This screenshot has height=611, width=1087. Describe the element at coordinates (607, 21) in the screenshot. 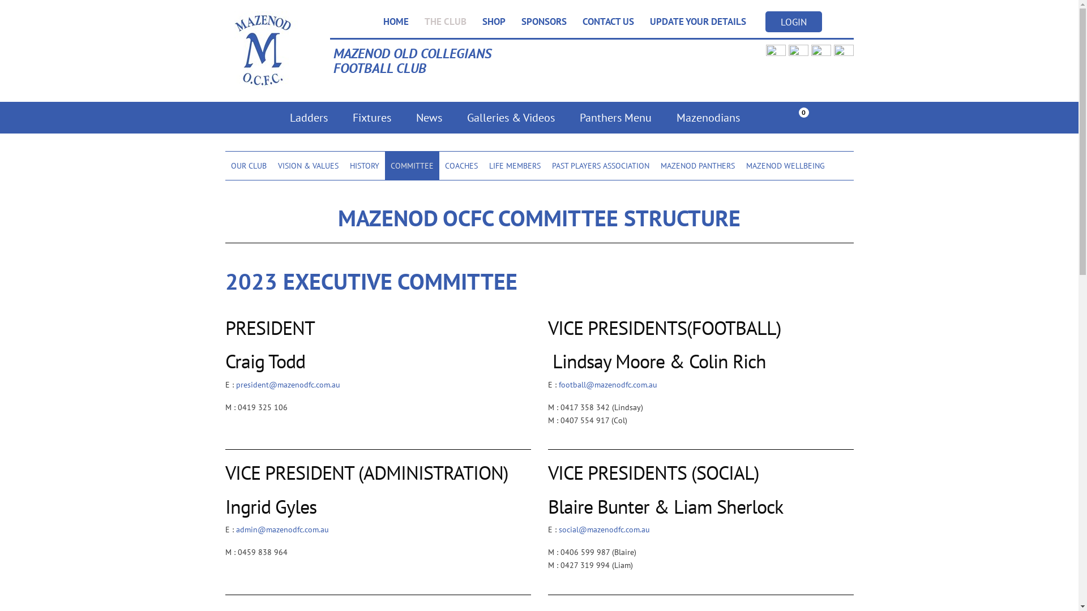

I see `'CONTACT US'` at that location.